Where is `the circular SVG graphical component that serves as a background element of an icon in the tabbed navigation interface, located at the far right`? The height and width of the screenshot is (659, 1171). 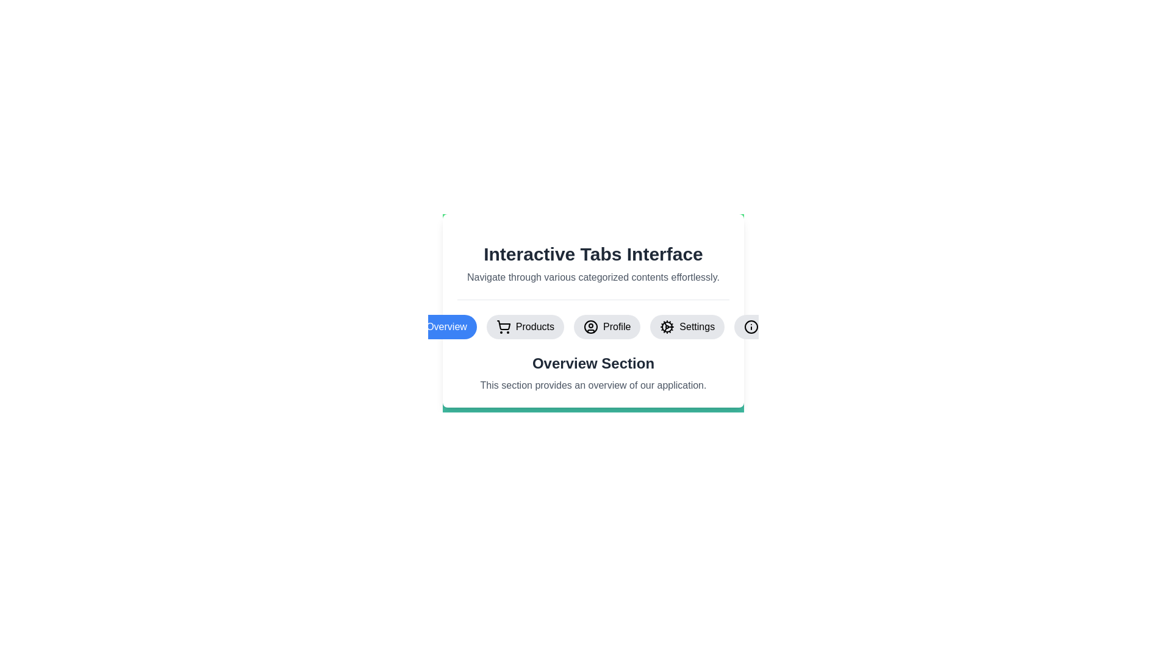 the circular SVG graphical component that serves as a background element of an icon in the tabbed navigation interface, located at the far right is located at coordinates (751, 326).